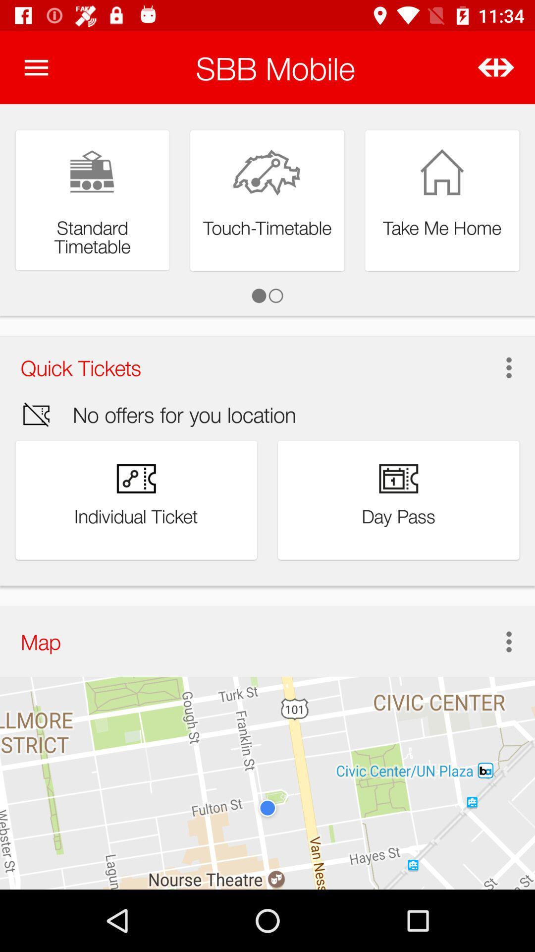  What do you see at coordinates (505, 367) in the screenshot?
I see `the icon next to the quick tickets` at bounding box center [505, 367].